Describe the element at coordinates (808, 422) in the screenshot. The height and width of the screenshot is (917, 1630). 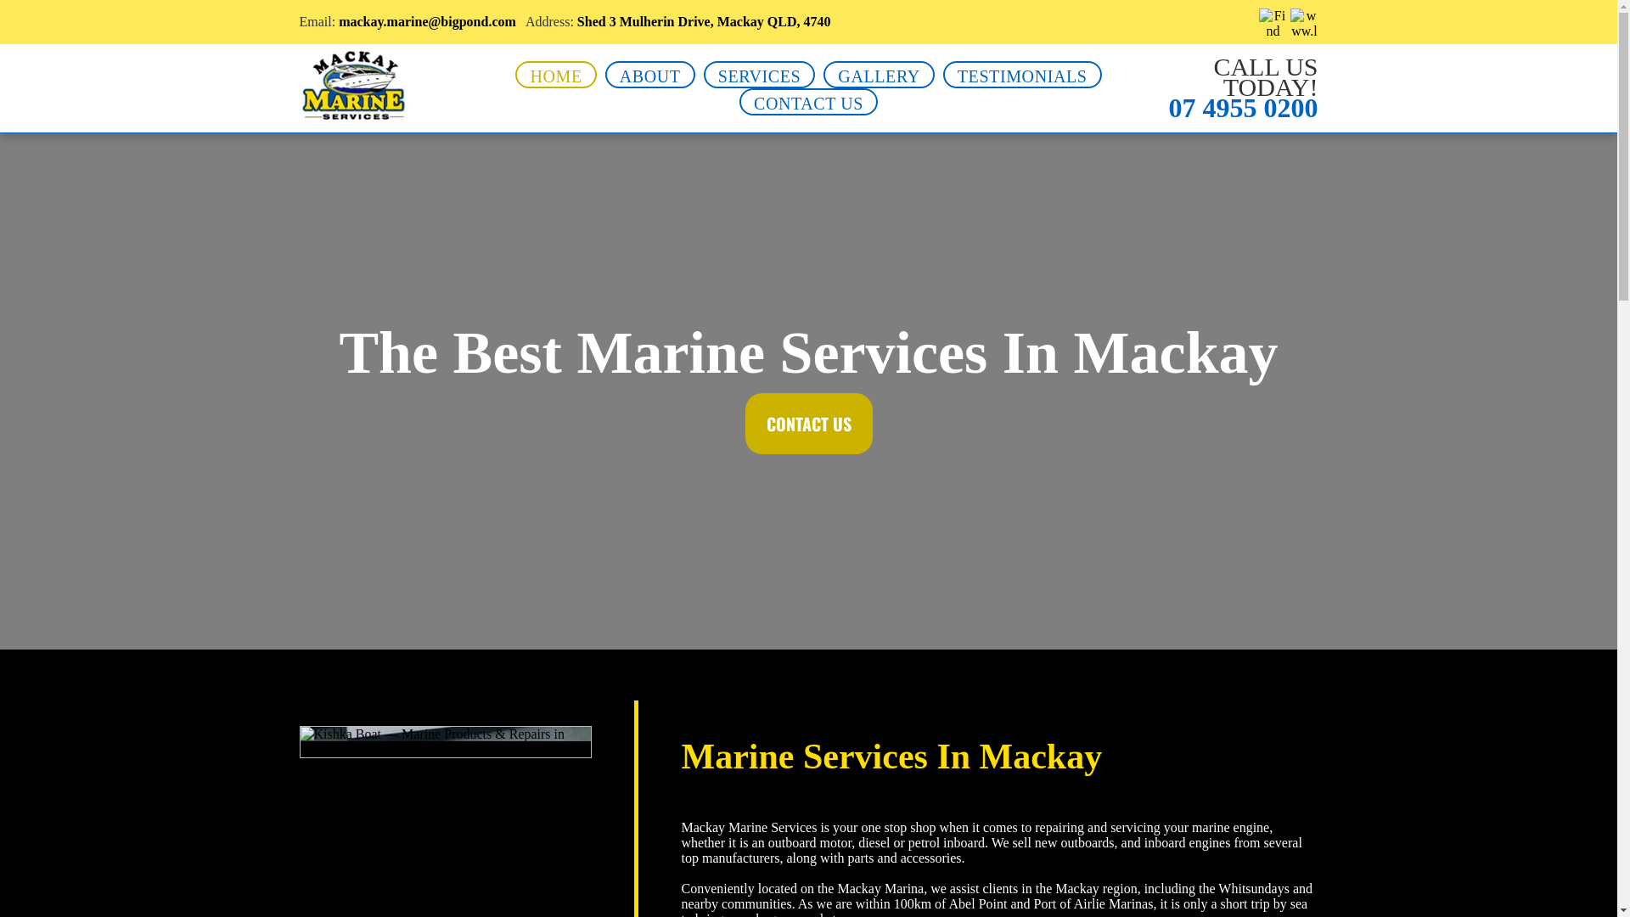
I see `'CONTACT US'` at that location.